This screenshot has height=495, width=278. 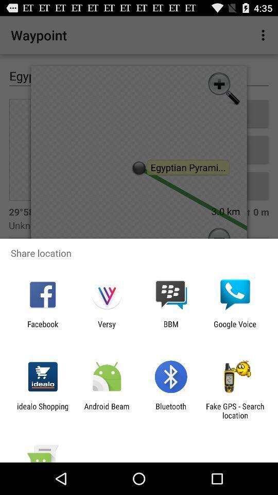 I want to click on item next to versy app, so click(x=171, y=328).